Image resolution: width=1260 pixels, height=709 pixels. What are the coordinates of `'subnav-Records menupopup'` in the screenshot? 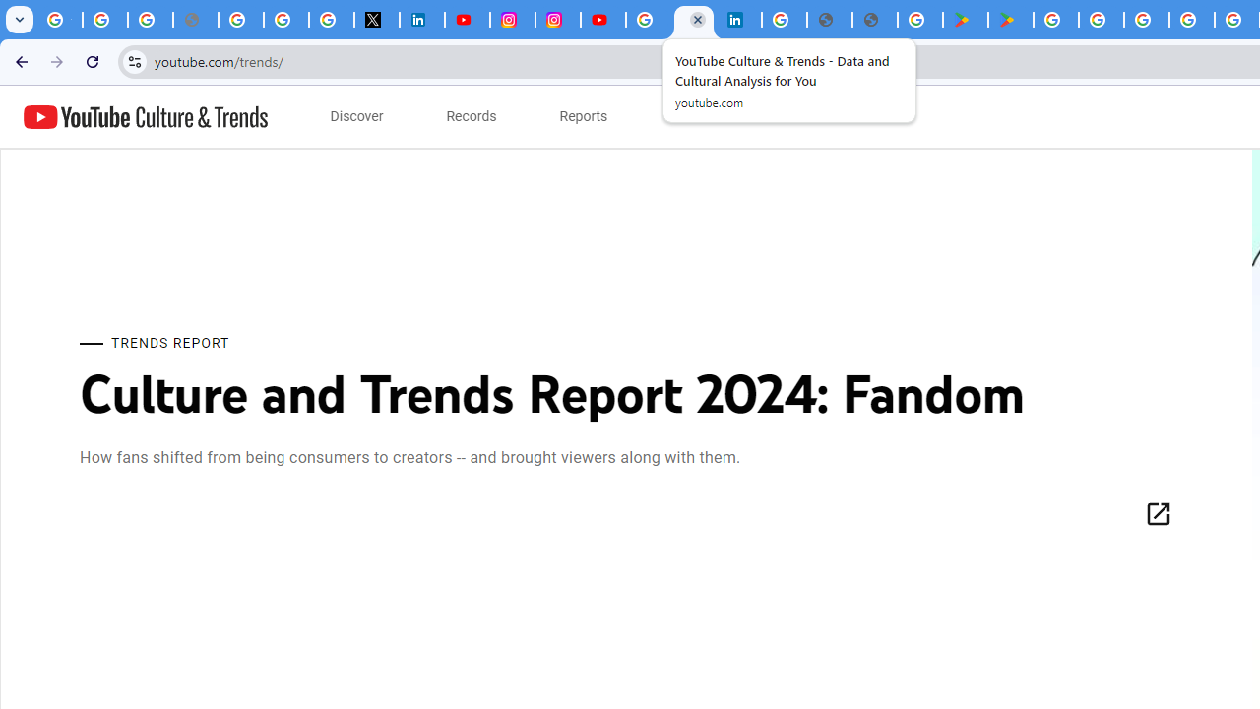 It's located at (471, 116).